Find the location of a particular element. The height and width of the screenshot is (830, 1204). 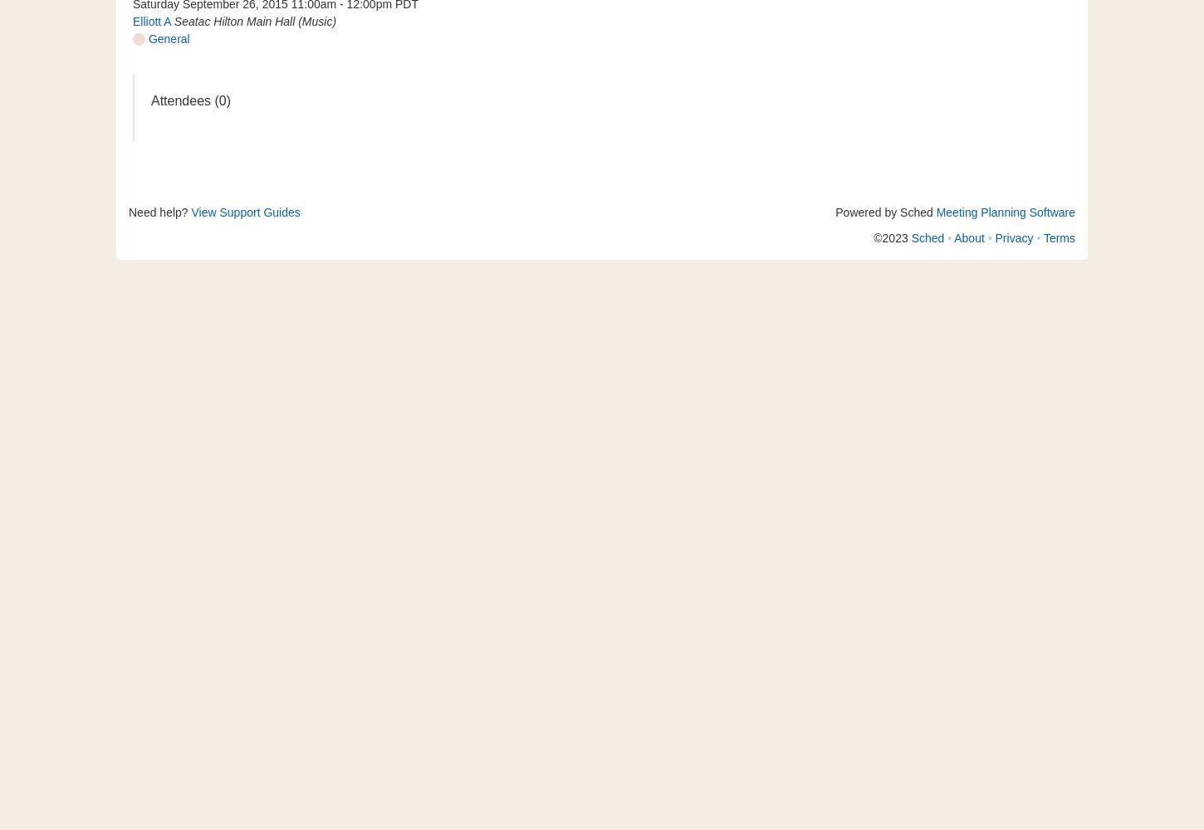

'About' is located at coordinates (952, 238).